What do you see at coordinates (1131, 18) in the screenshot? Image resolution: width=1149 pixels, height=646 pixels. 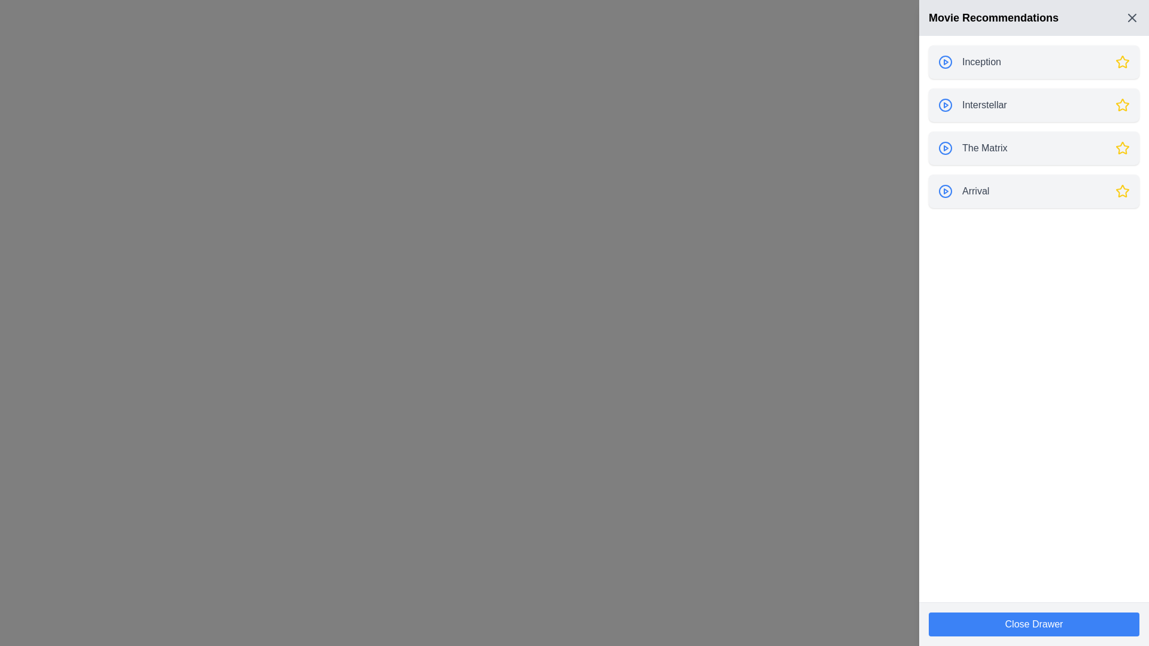 I see `the icon button in the top-right corner of the 'Movie Recommendations' panel` at bounding box center [1131, 18].